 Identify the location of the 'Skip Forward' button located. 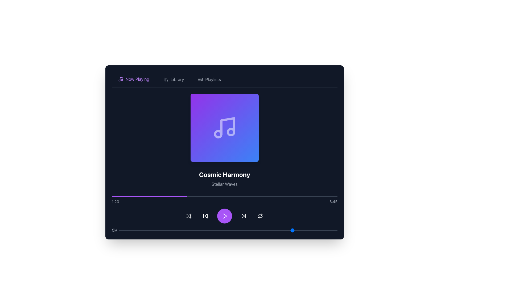
(244, 216).